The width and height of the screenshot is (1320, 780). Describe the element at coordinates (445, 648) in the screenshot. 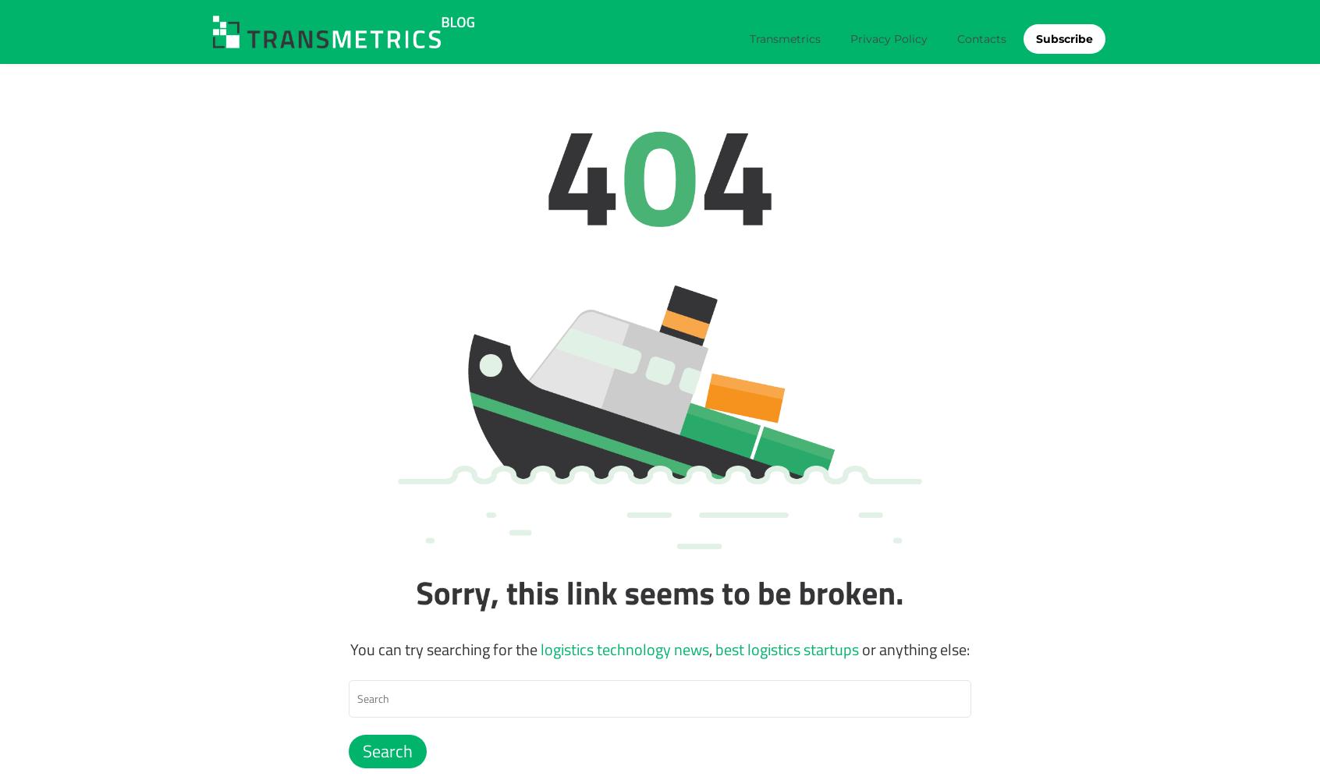

I see `'You can try searching for the'` at that location.